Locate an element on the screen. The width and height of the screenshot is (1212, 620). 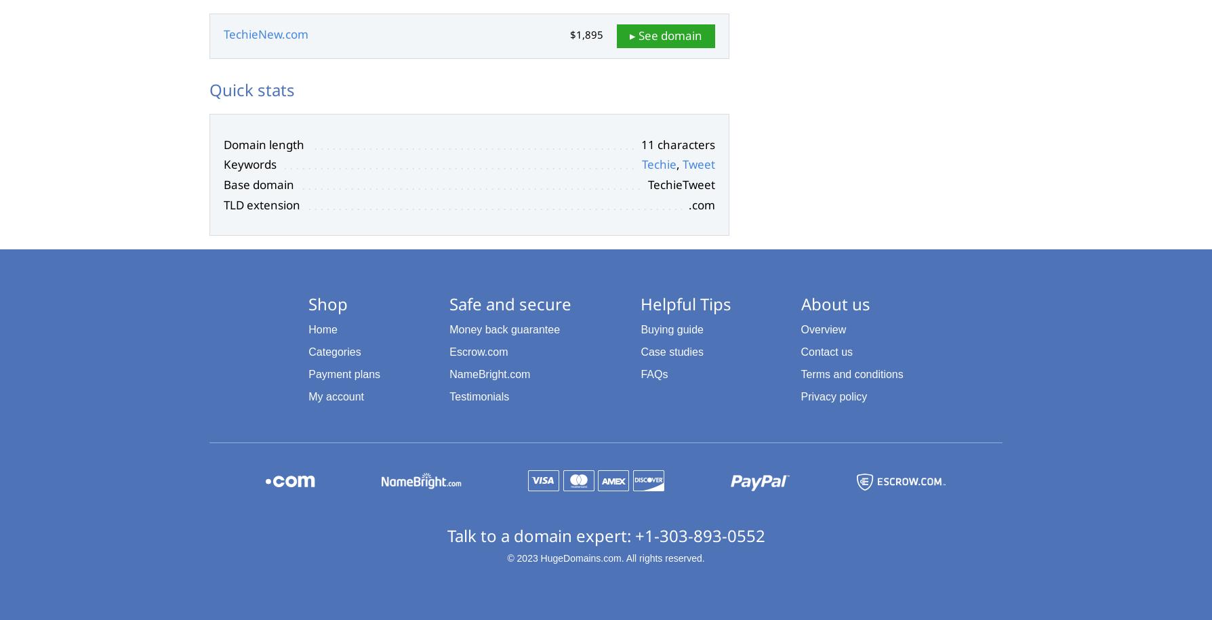
'Buying guide' is located at coordinates (640, 329).